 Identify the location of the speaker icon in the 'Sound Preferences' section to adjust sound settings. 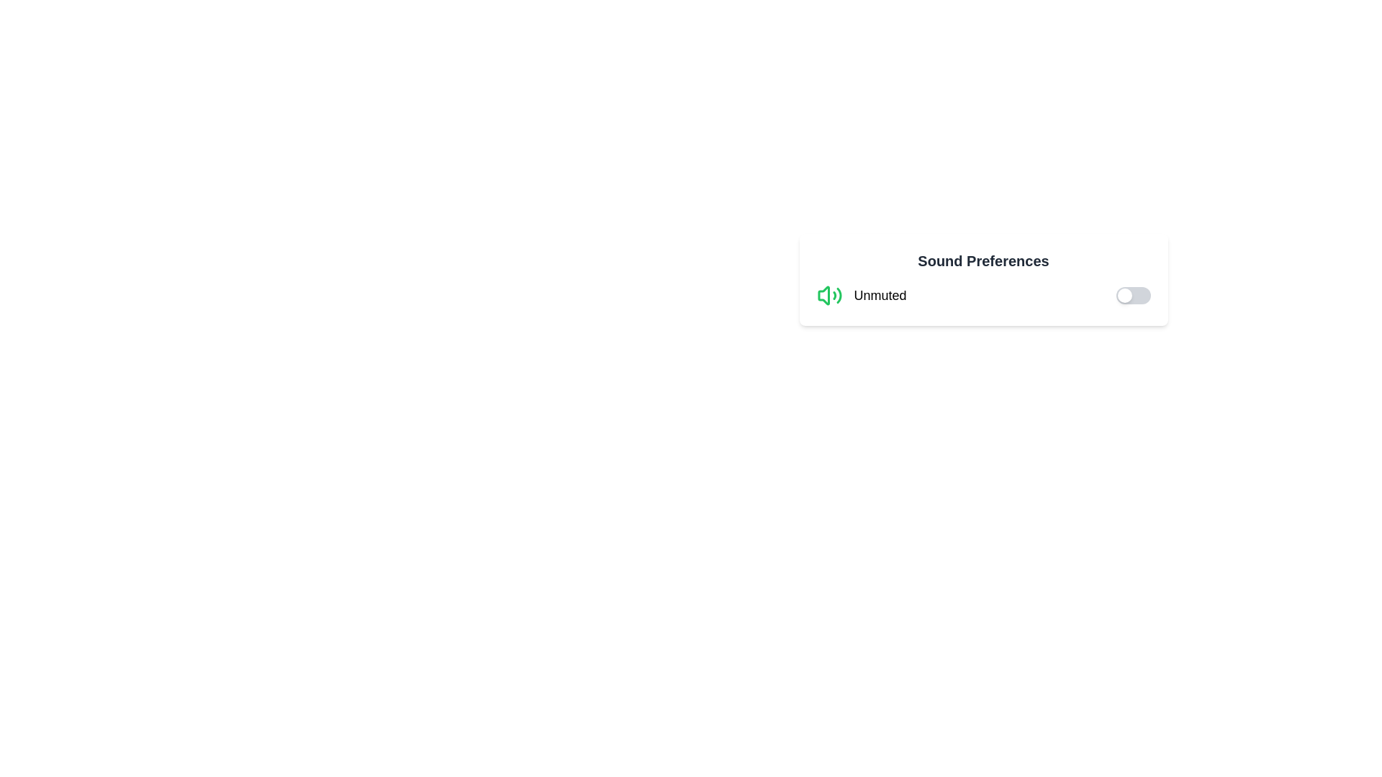
(823, 295).